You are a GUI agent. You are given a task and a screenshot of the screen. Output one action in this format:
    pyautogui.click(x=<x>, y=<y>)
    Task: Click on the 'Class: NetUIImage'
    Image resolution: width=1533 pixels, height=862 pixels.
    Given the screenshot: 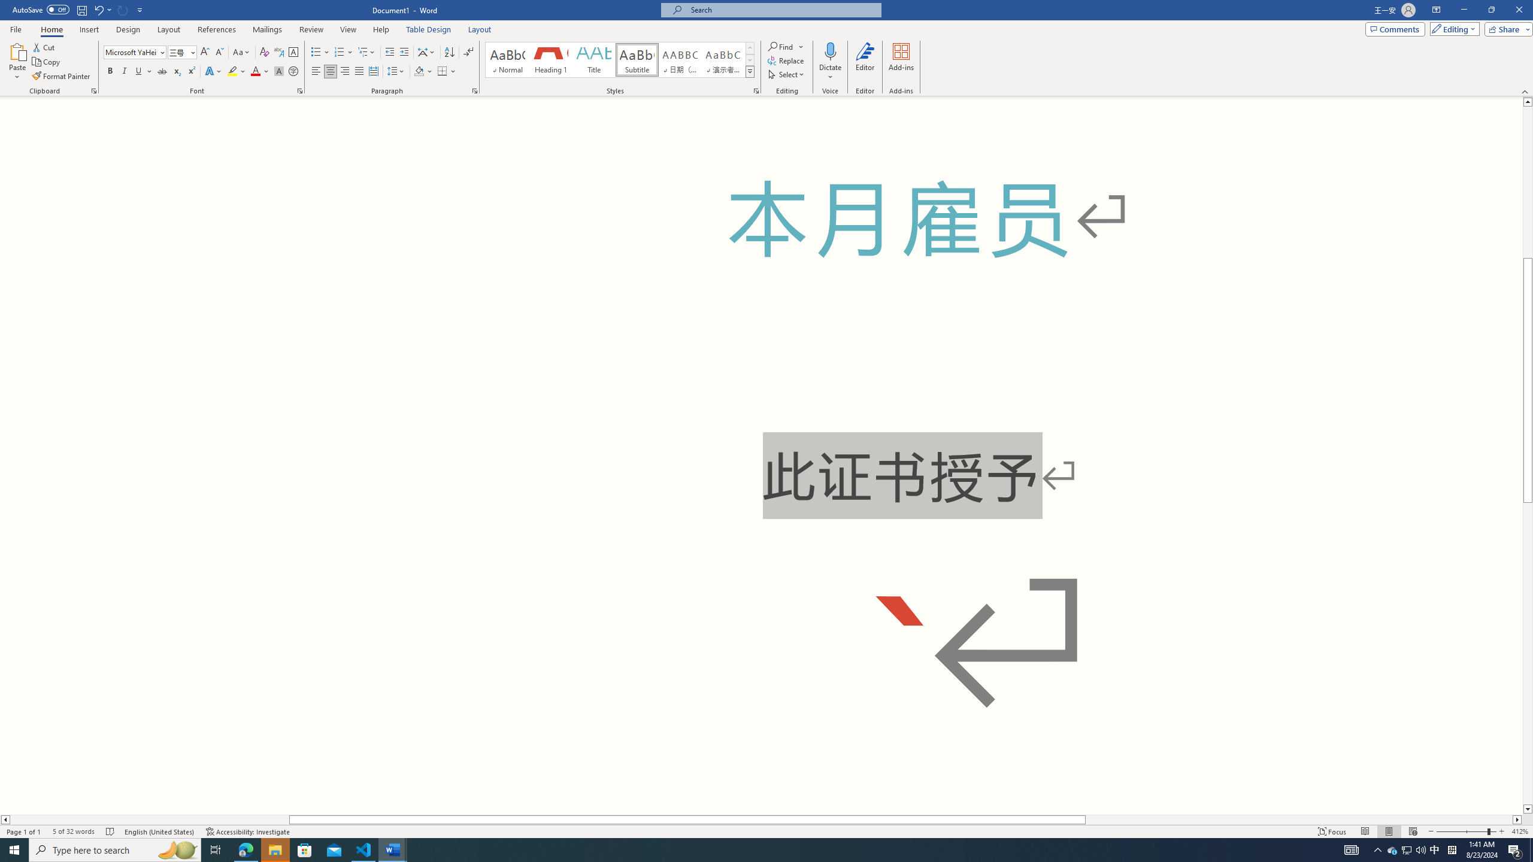 What is the action you would take?
    pyautogui.click(x=750, y=71)
    